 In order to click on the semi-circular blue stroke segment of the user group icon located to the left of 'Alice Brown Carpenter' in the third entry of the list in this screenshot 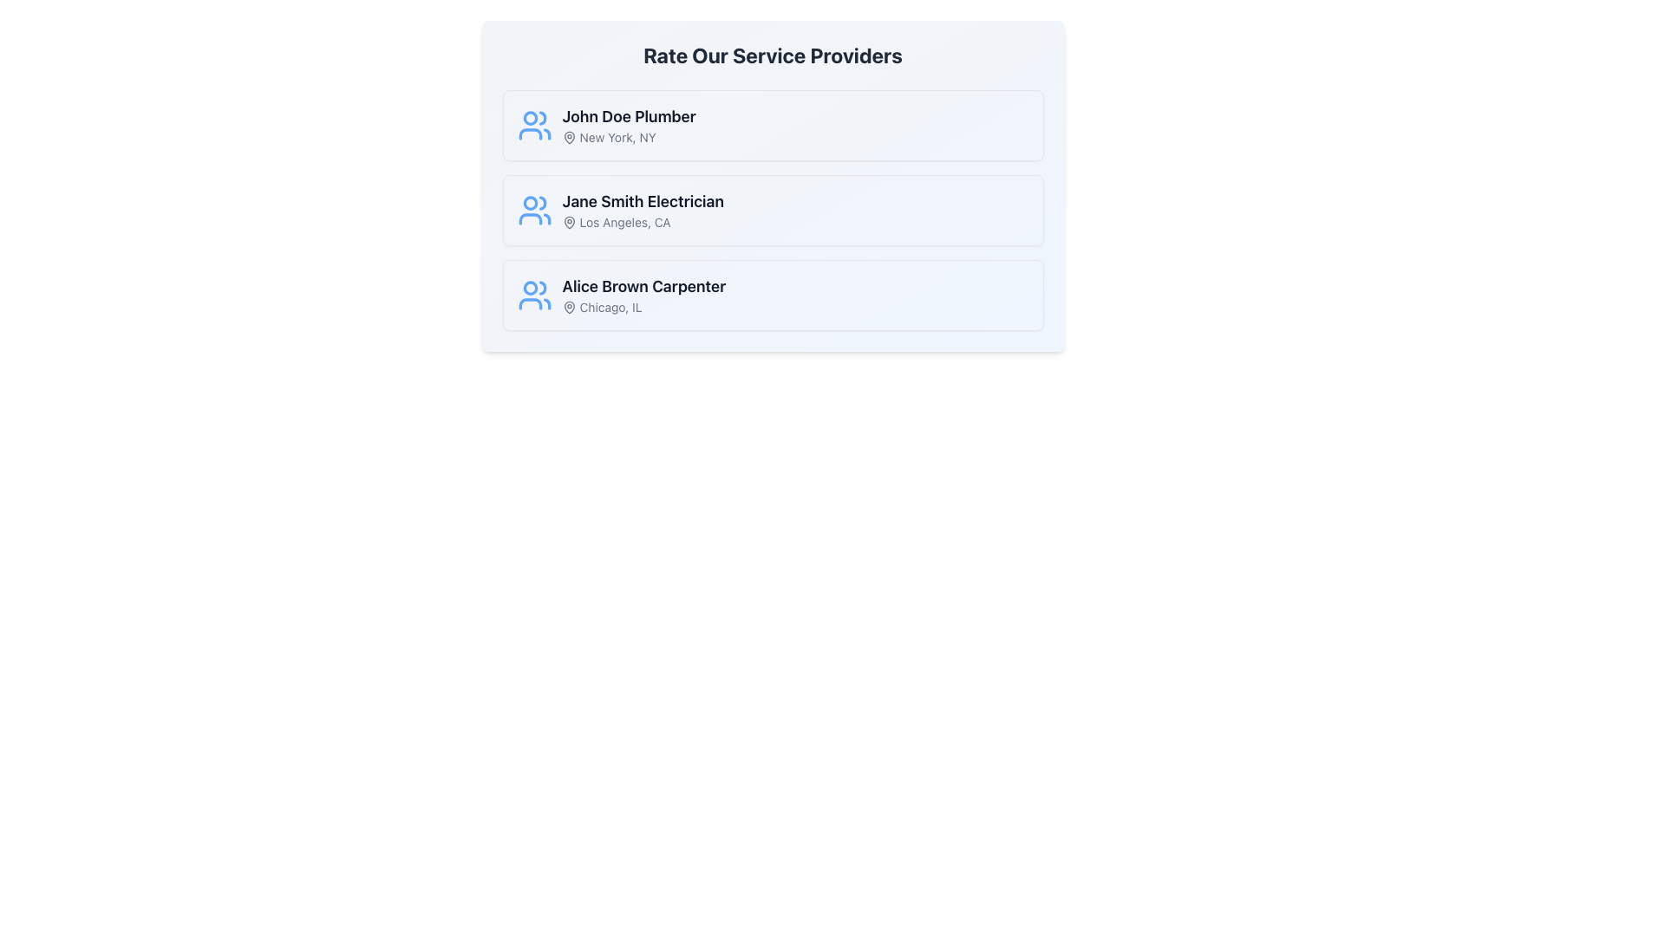, I will do `click(529, 303)`.